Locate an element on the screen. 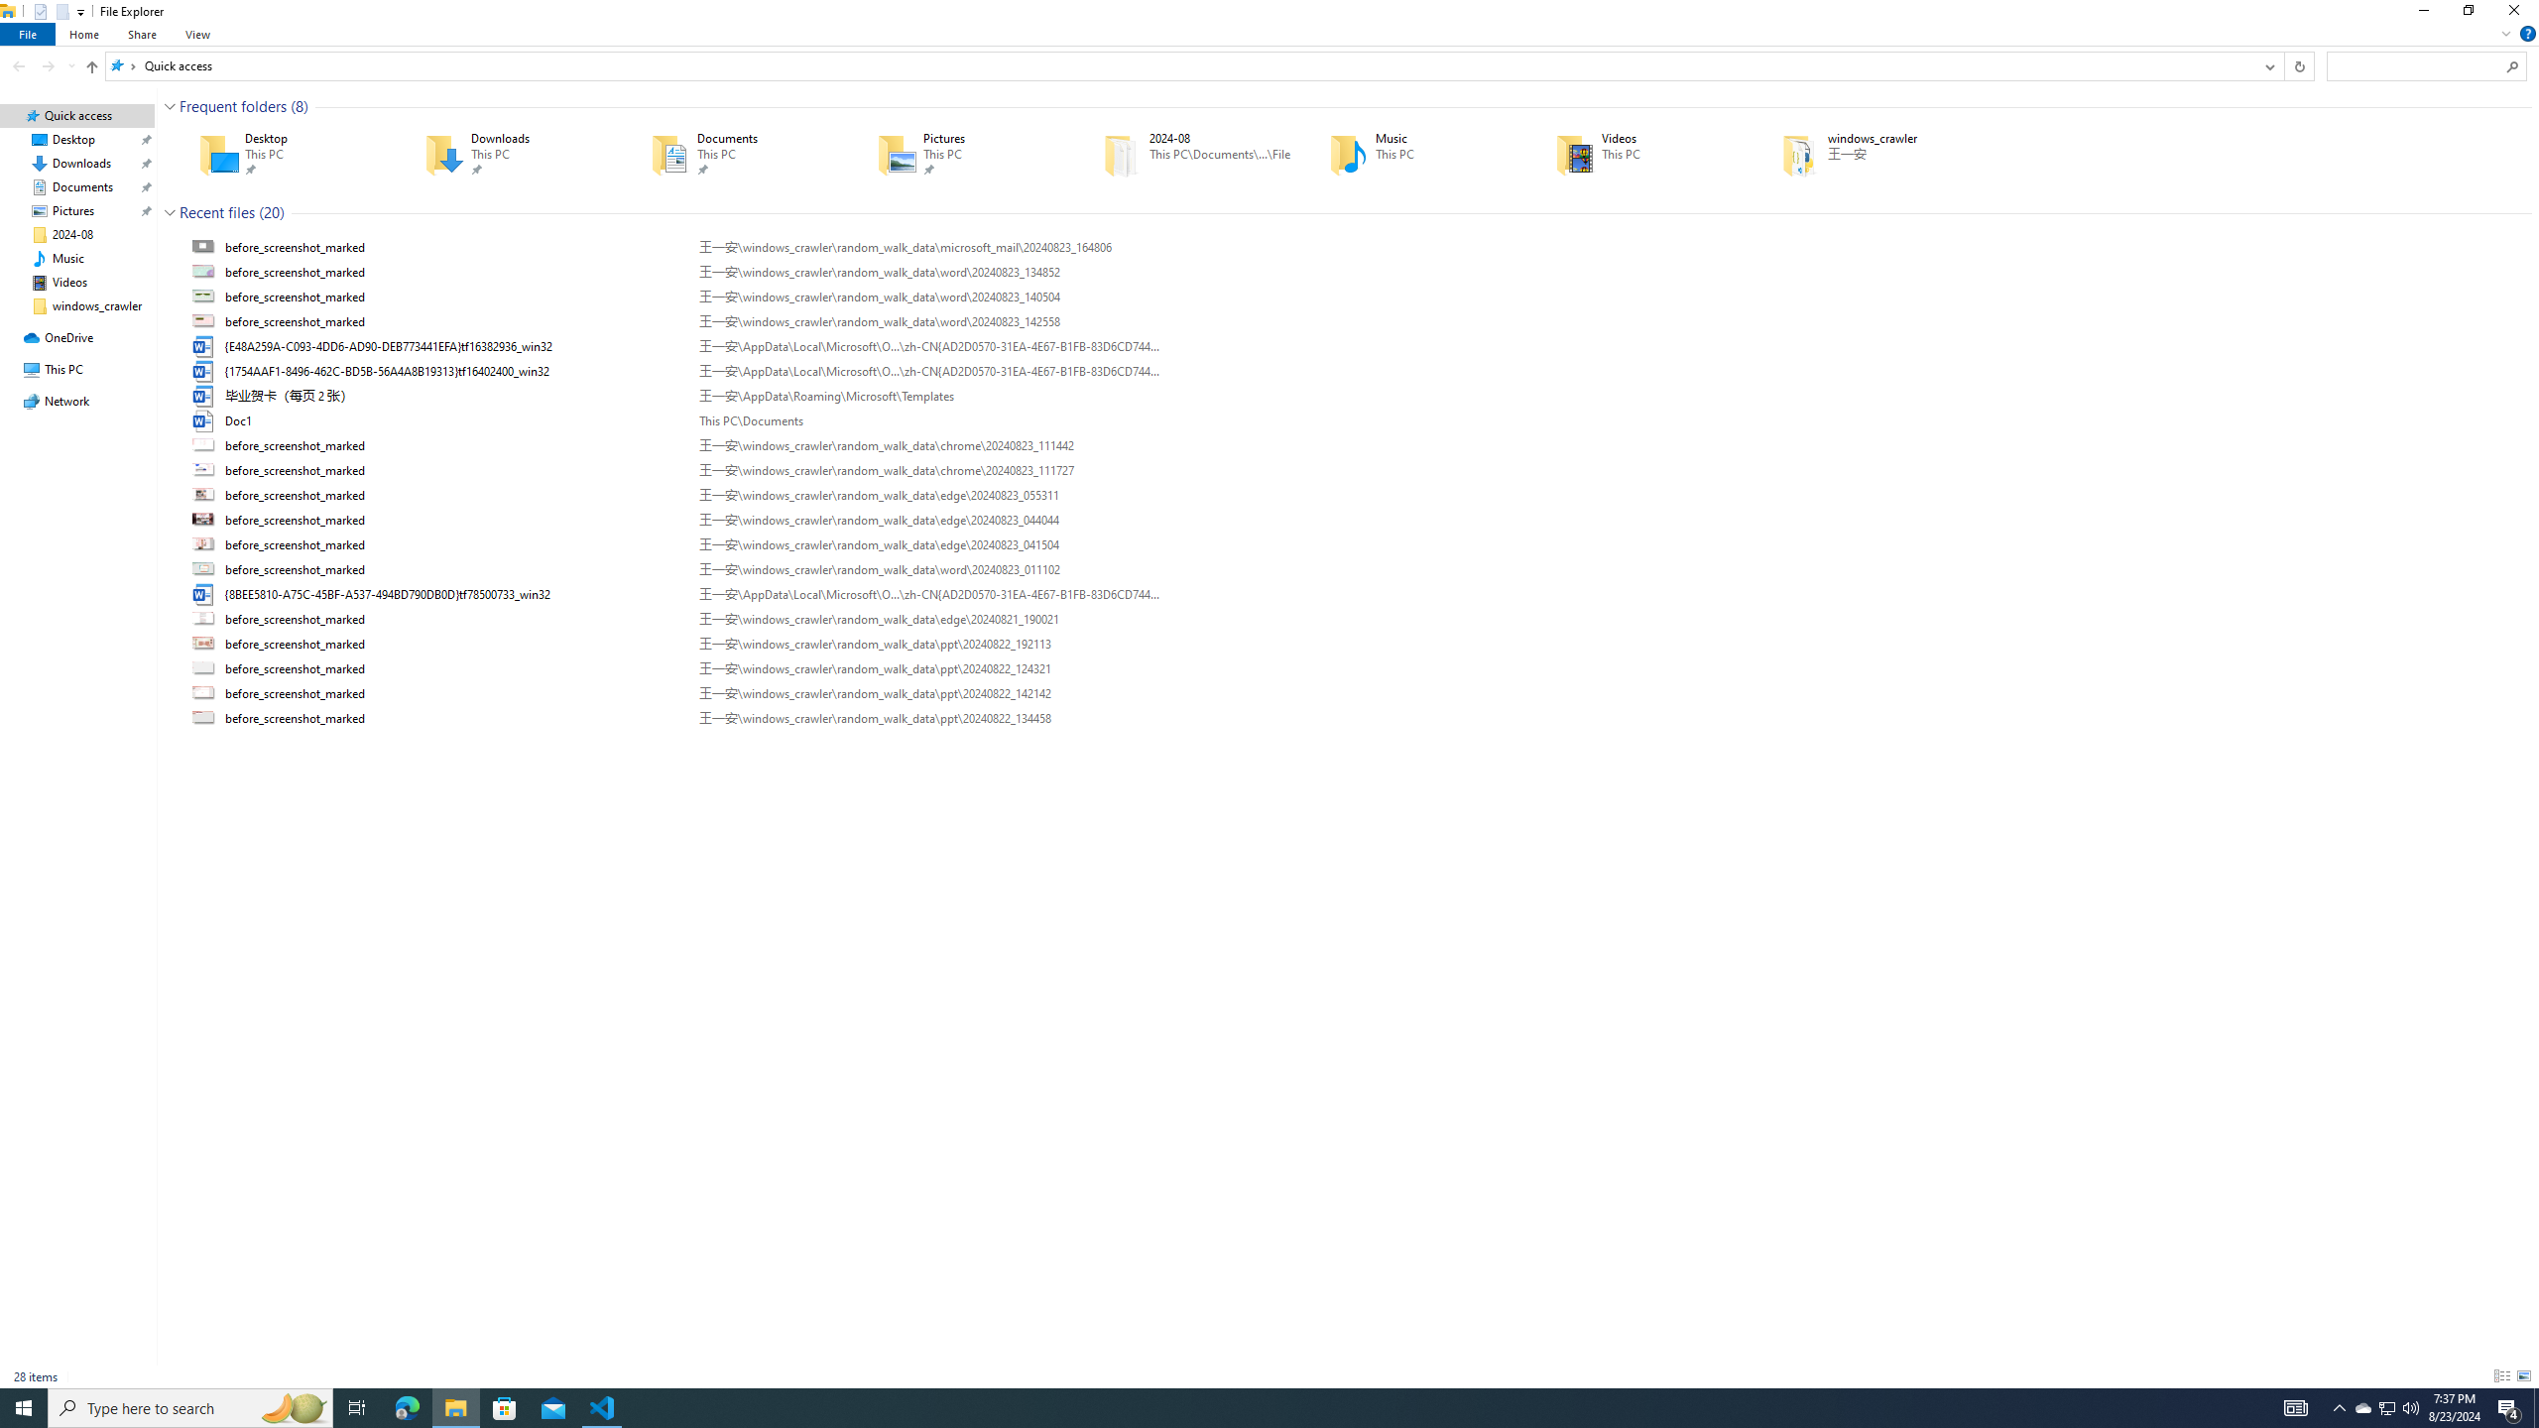 This screenshot has height=1428, width=2539. 'Help' is located at coordinates (2526, 32).